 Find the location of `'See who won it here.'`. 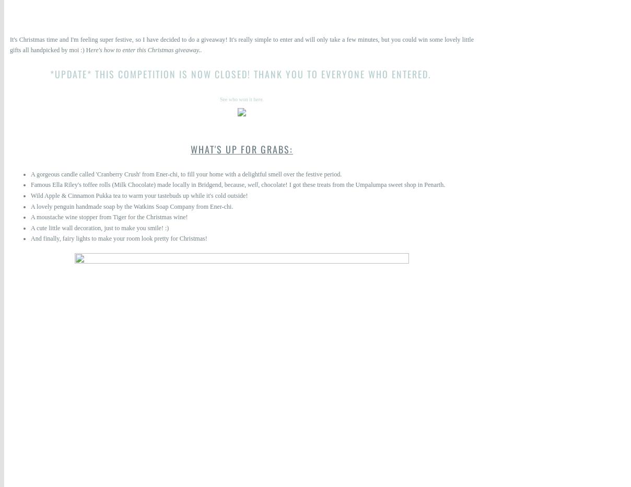

'See who won it here.' is located at coordinates (241, 99).